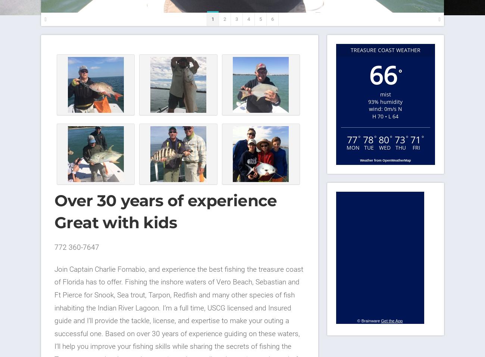 This screenshot has width=485, height=357. What do you see at coordinates (116, 222) in the screenshot?
I see `'Great with kids'` at bounding box center [116, 222].